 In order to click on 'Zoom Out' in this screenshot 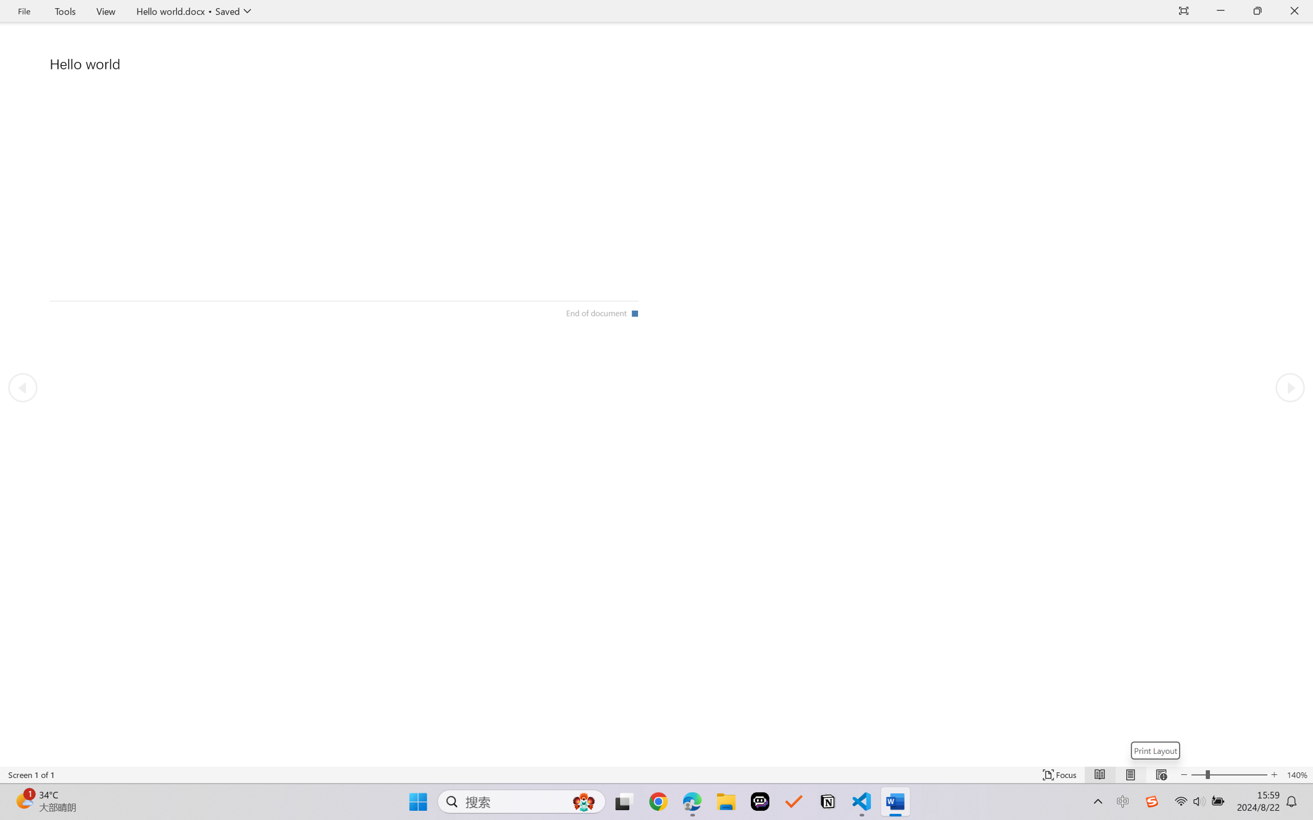, I will do `click(1197, 774)`.